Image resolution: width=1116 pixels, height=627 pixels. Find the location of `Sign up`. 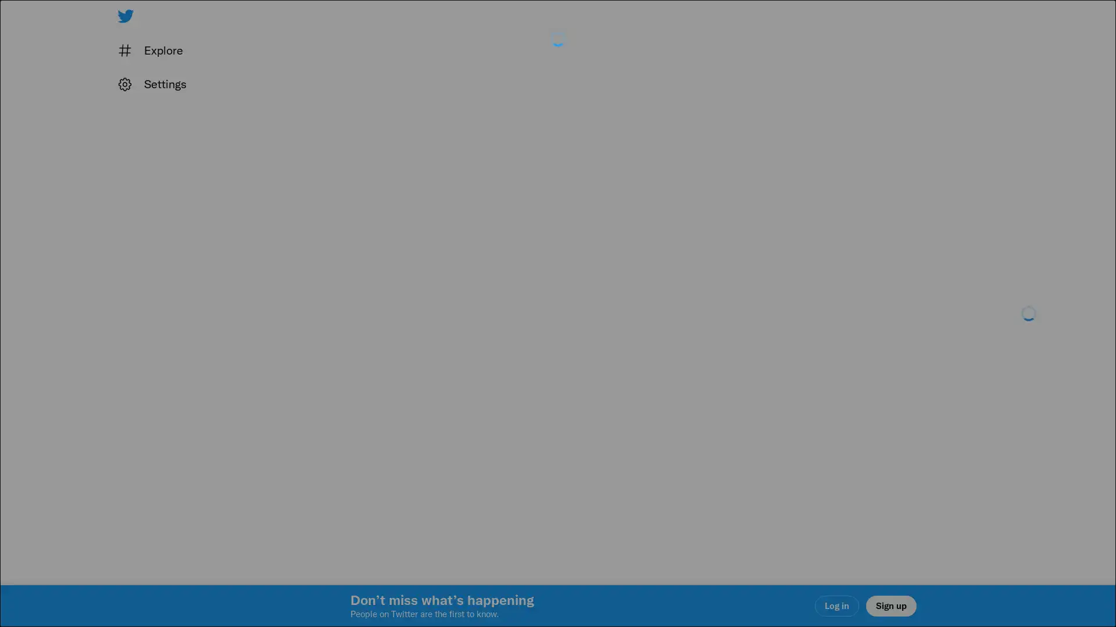

Sign up is located at coordinates (420, 395).